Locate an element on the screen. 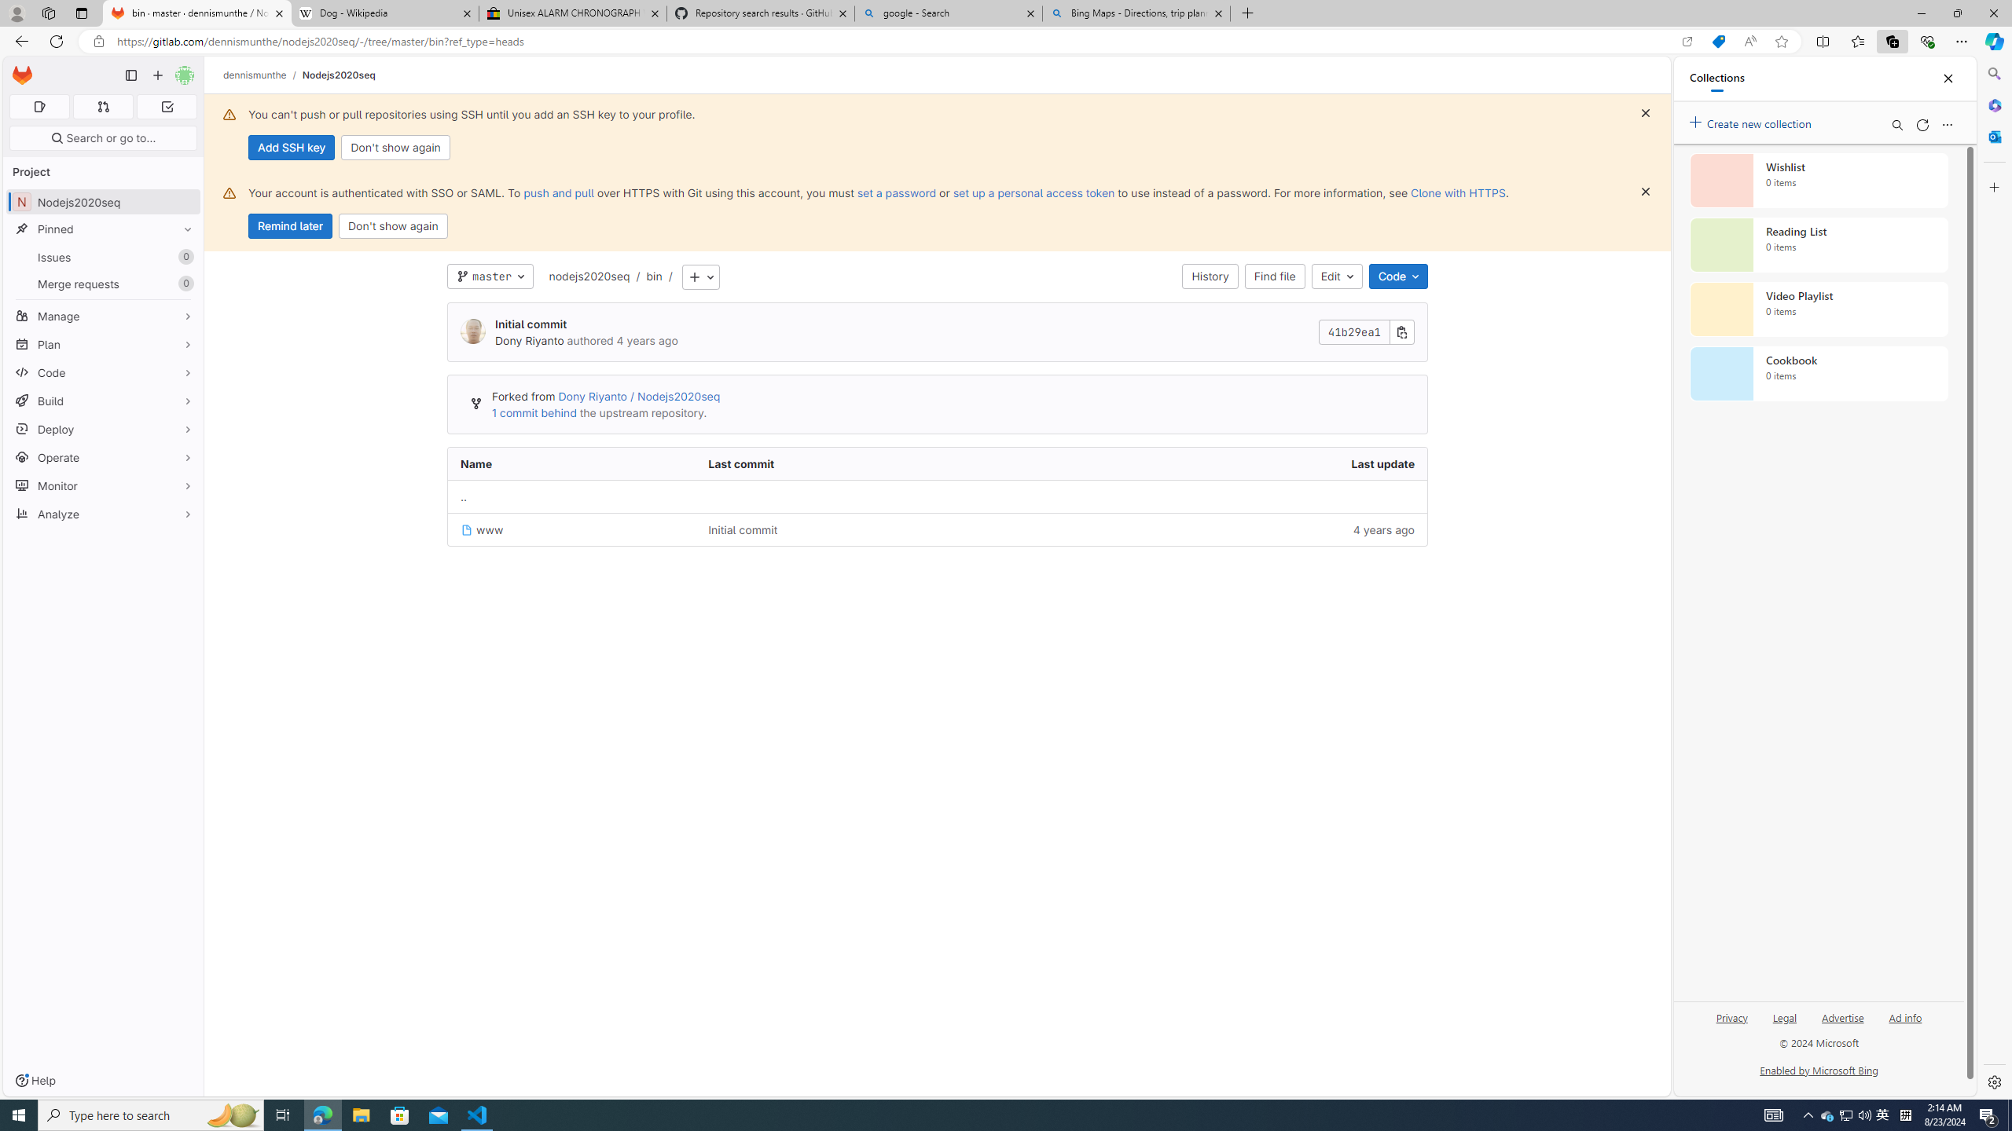 The image size is (2012, 1131). 'Deploy' is located at coordinates (102, 428).